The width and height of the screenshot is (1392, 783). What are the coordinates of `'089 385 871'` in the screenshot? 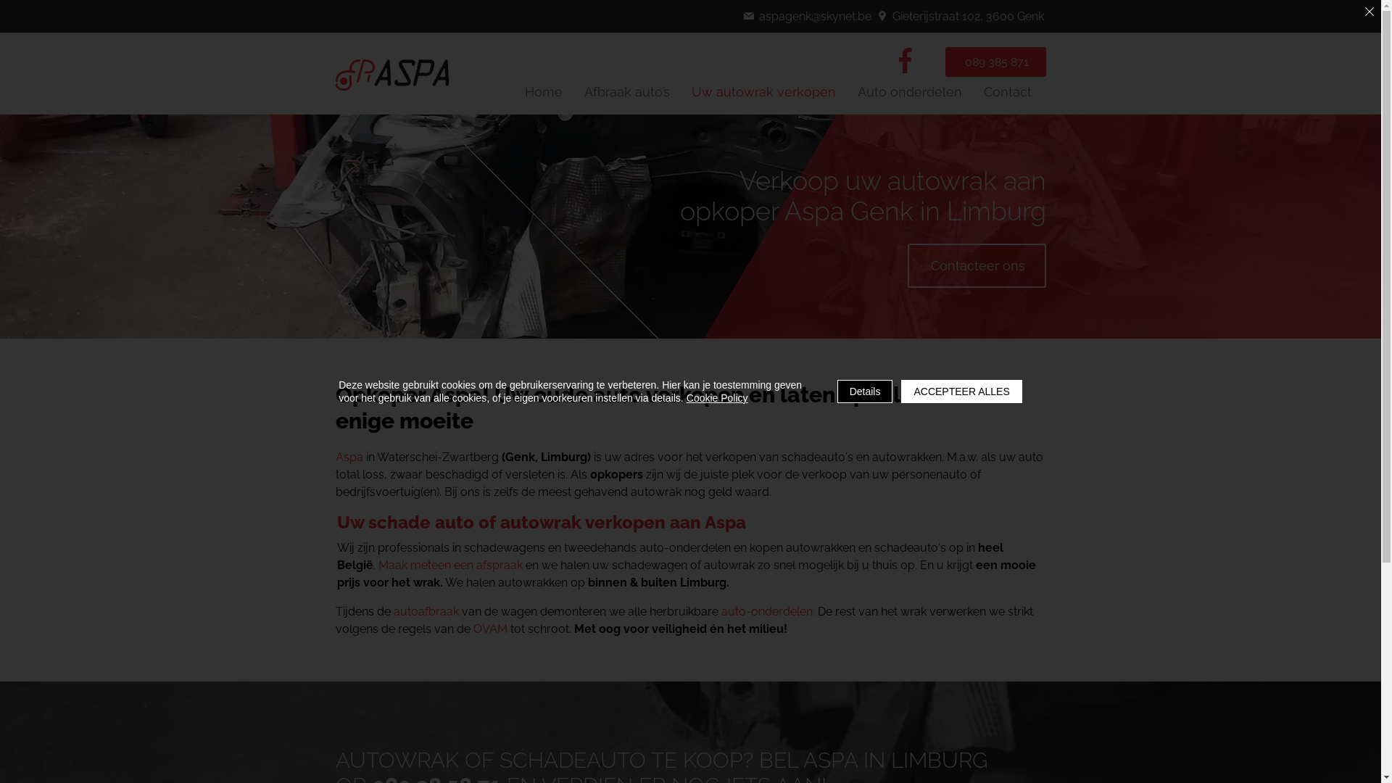 It's located at (995, 61).